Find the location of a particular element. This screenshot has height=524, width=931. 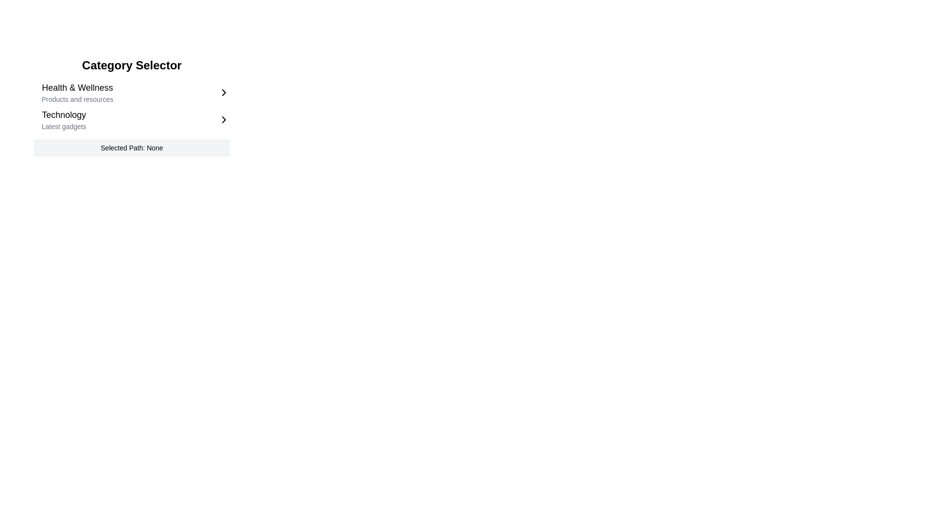

the text label displaying 'Latest gadgets' which is located beneath the 'Technology' header is located at coordinates (63, 126).